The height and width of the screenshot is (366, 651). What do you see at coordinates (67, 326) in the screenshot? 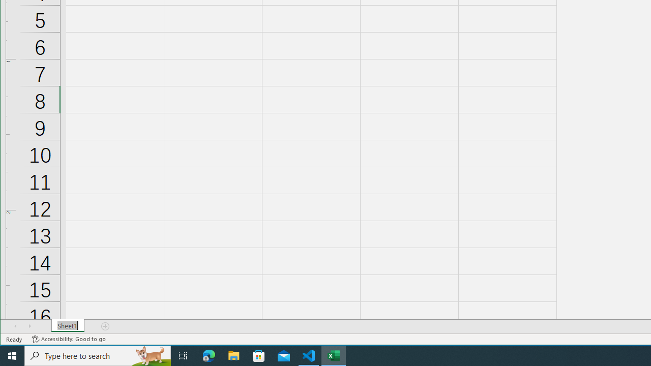
I see `'Sheet Tab'` at bounding box center [67, 326].